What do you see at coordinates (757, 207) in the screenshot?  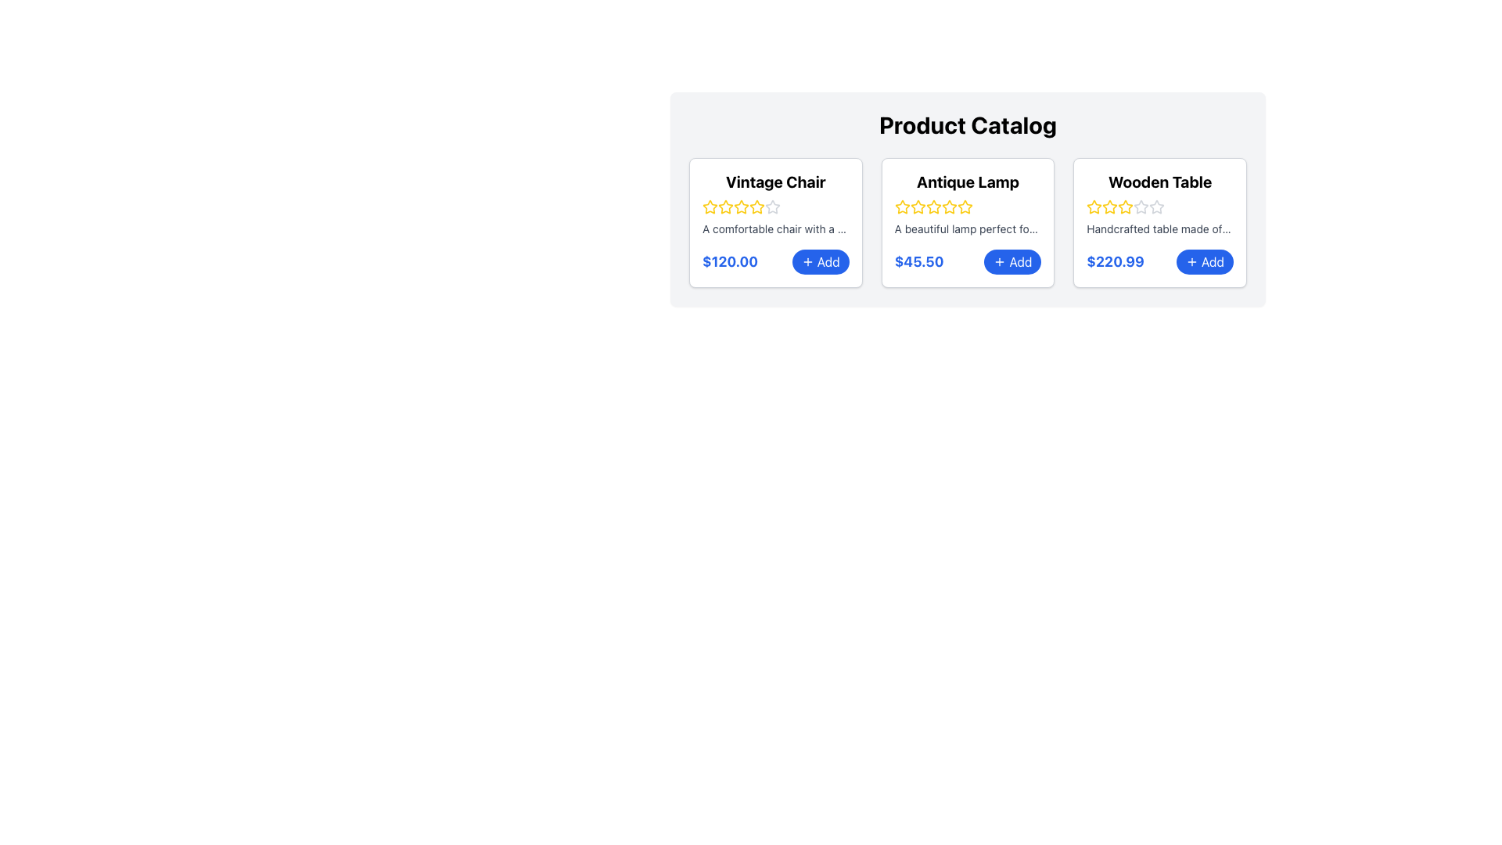 I see `the fourth yellow star icon in the five-star rating row above the 'Vintage Chair' card` at bounding box center [757, 207].